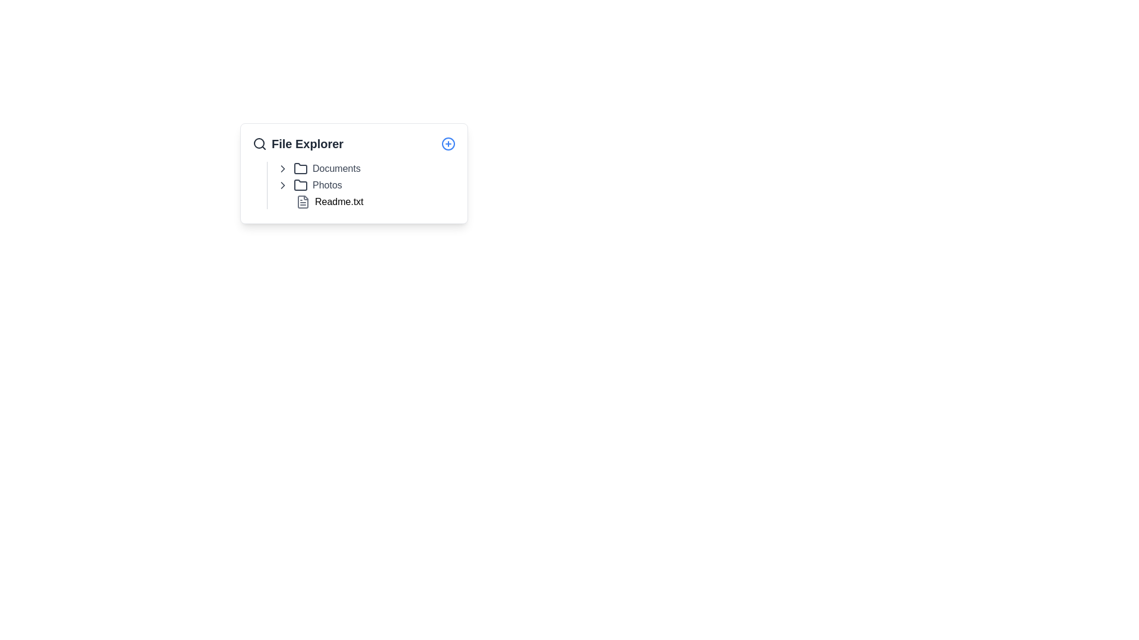  Describe the element at coordinates (298, 143) in the screenshot. I see `the 'File Explorer' label, which is bold and gray, located in the header section next to a magnifying glass icon` at that location.